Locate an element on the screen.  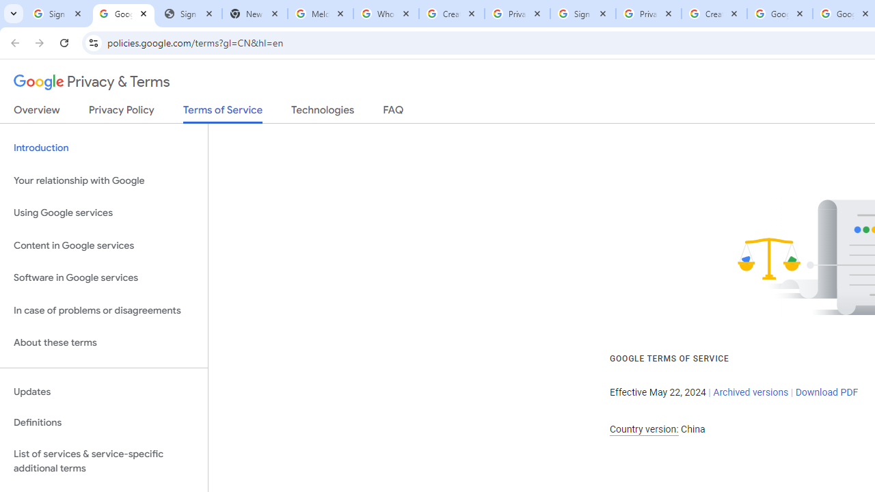
'System' is located at coordinates (7, 8).